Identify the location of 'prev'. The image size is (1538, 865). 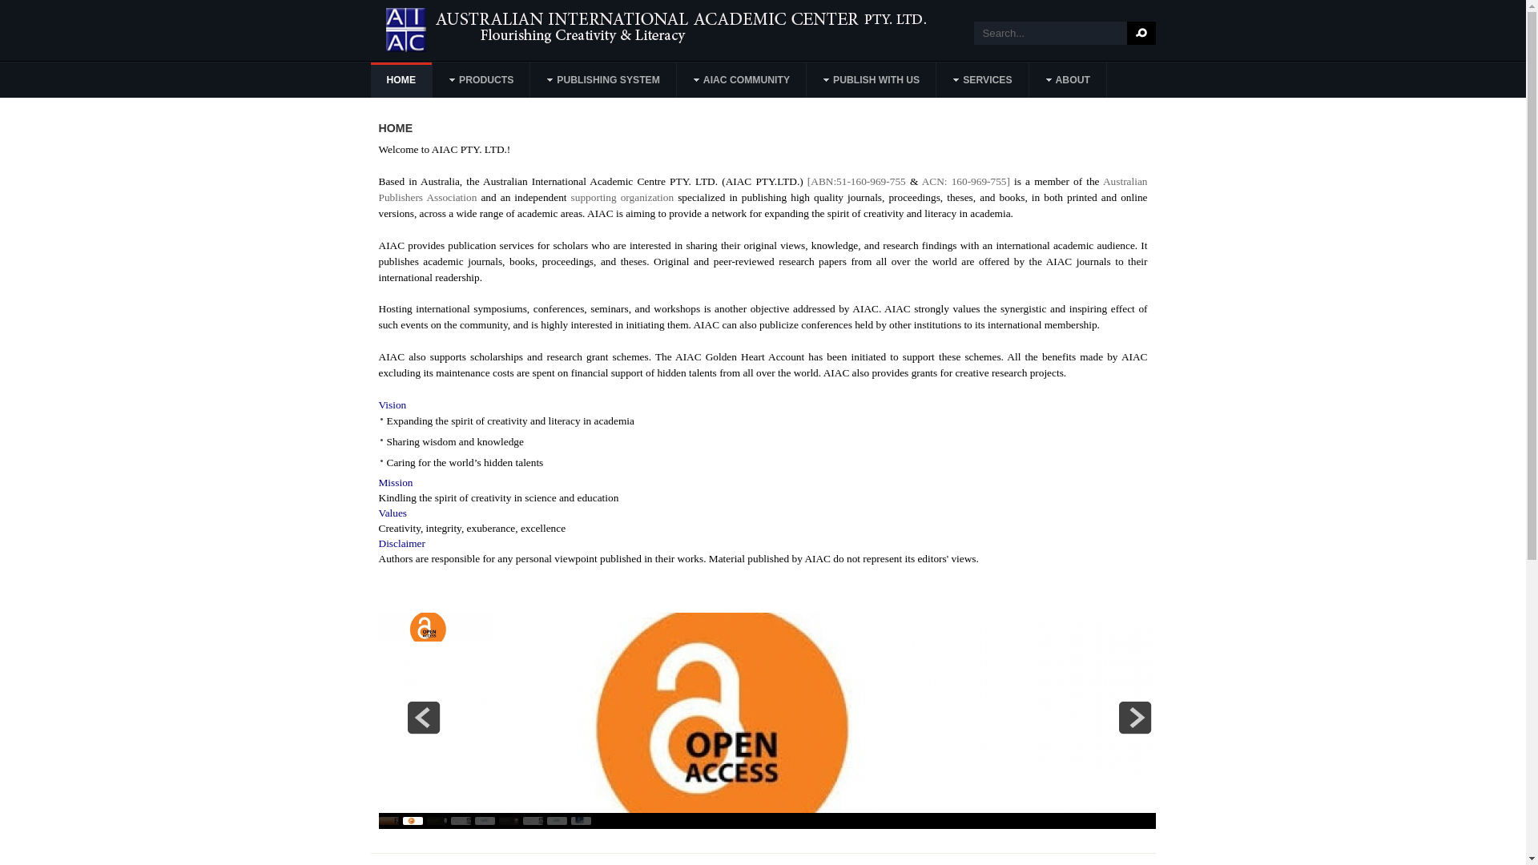
(423, 716).